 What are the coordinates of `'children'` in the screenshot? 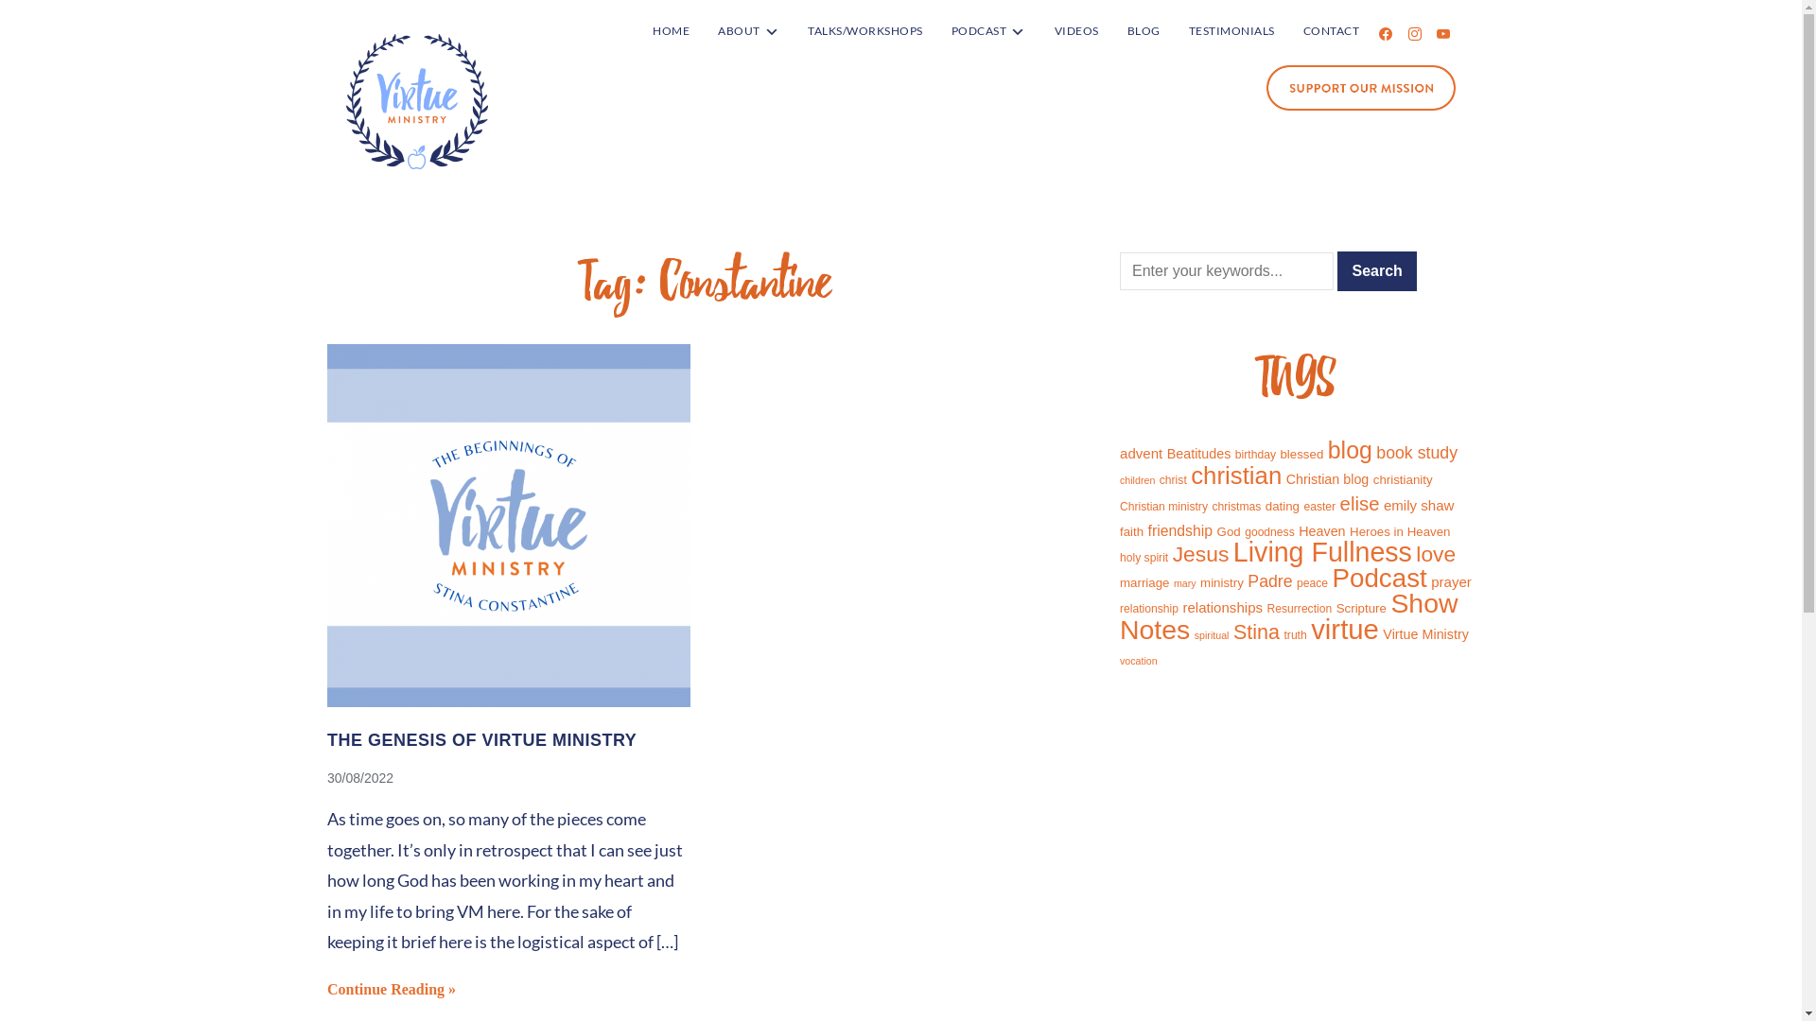 It's located at (1136, 479).